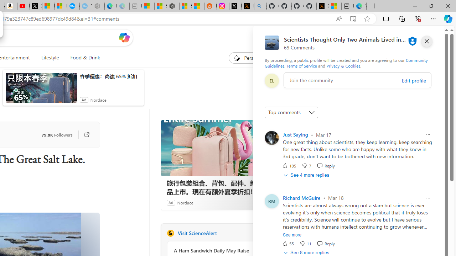  What do you see at coordinates (135, 6) in the screenshot?
I see `'New tab - Sleeping'` at bounding box center [135, 6].